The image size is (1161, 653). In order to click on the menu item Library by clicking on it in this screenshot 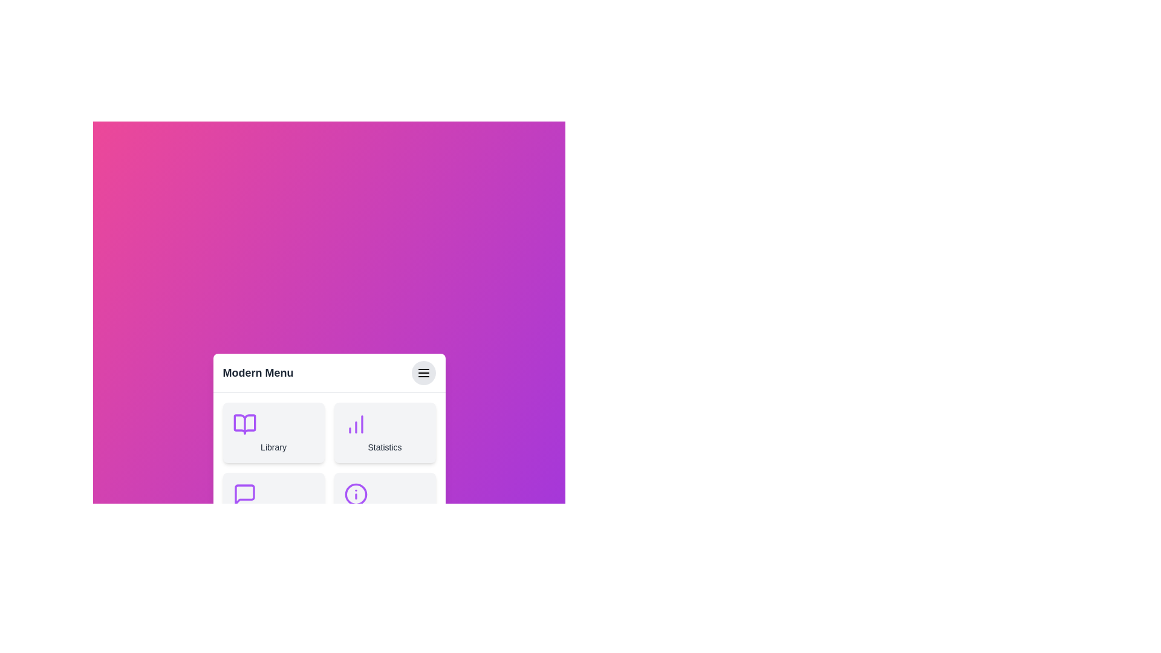, I will do `click(273, 432)`.